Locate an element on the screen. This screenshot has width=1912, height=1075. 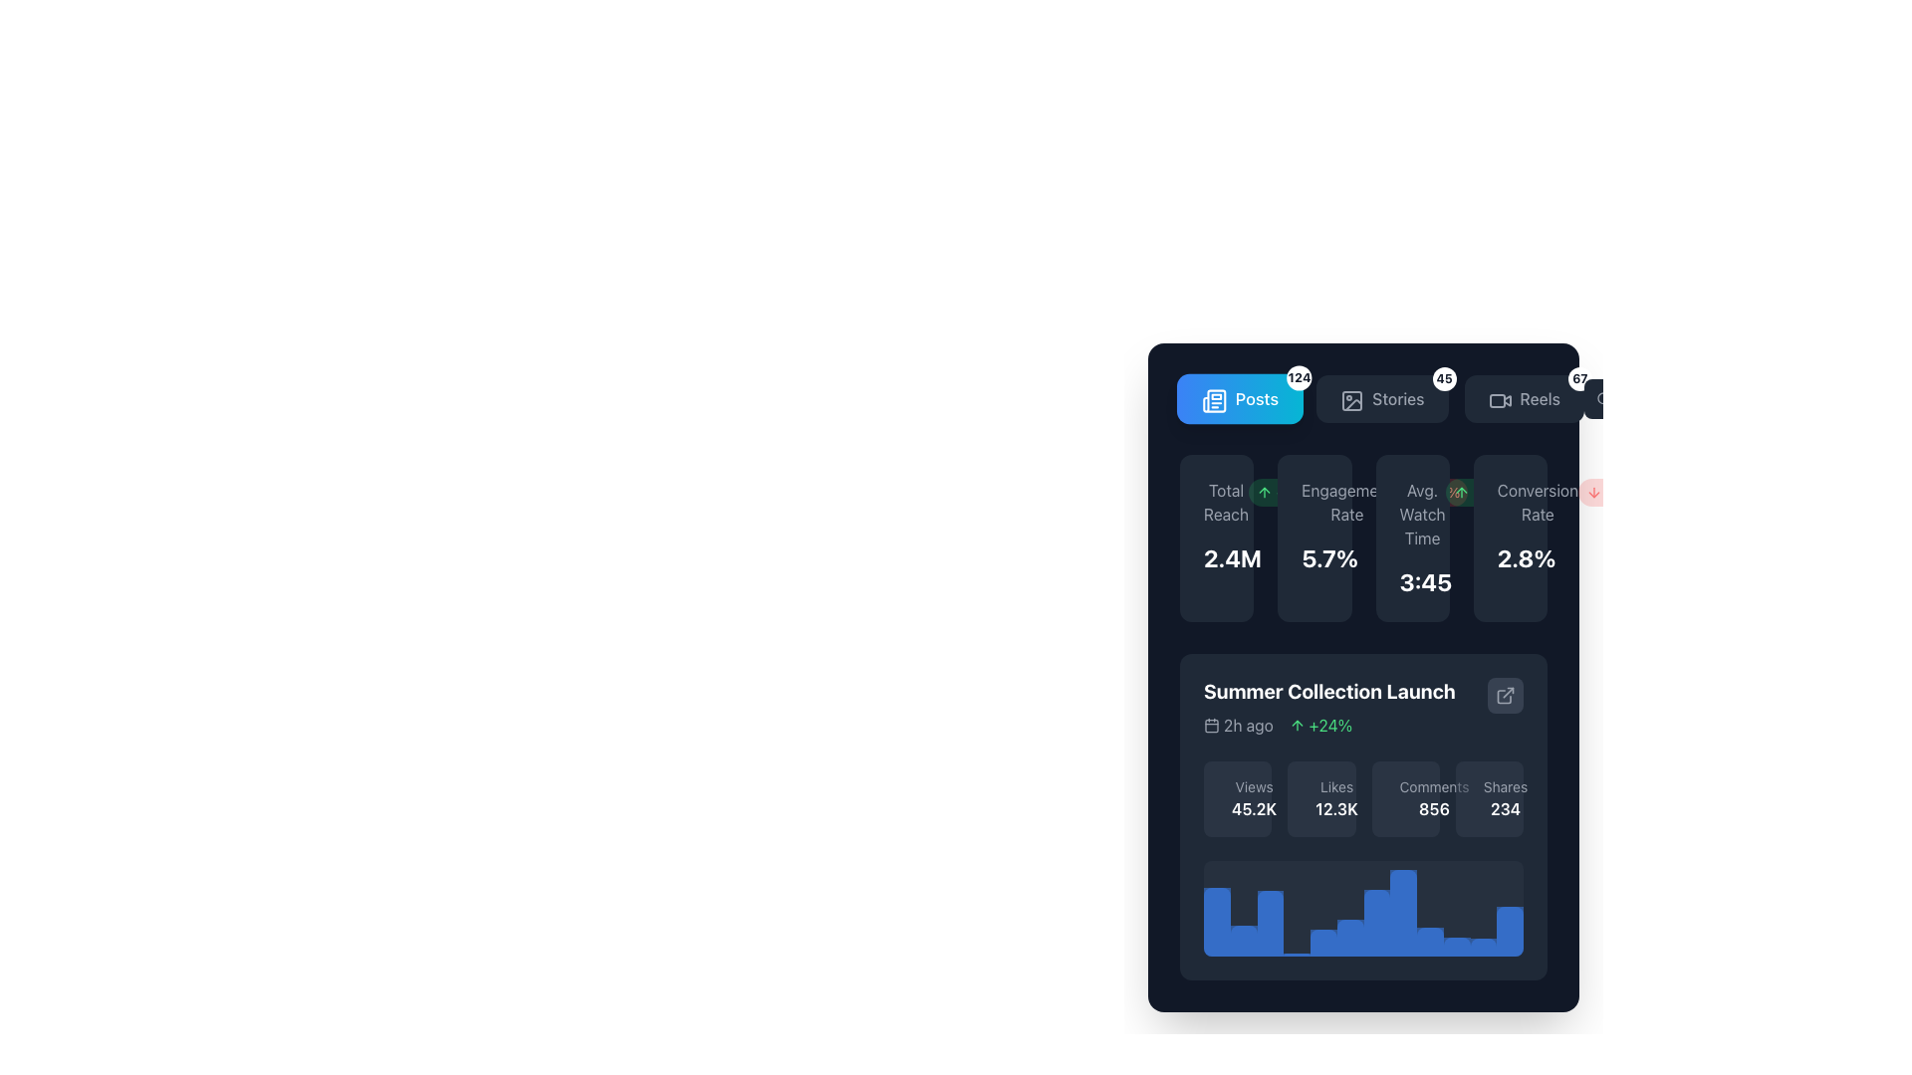
the 'Engagement Rate' label text displayed in light gray font against a dark background, located in the second column of a grid layout for displaying statistical information is located at coordinates (1347, 502).